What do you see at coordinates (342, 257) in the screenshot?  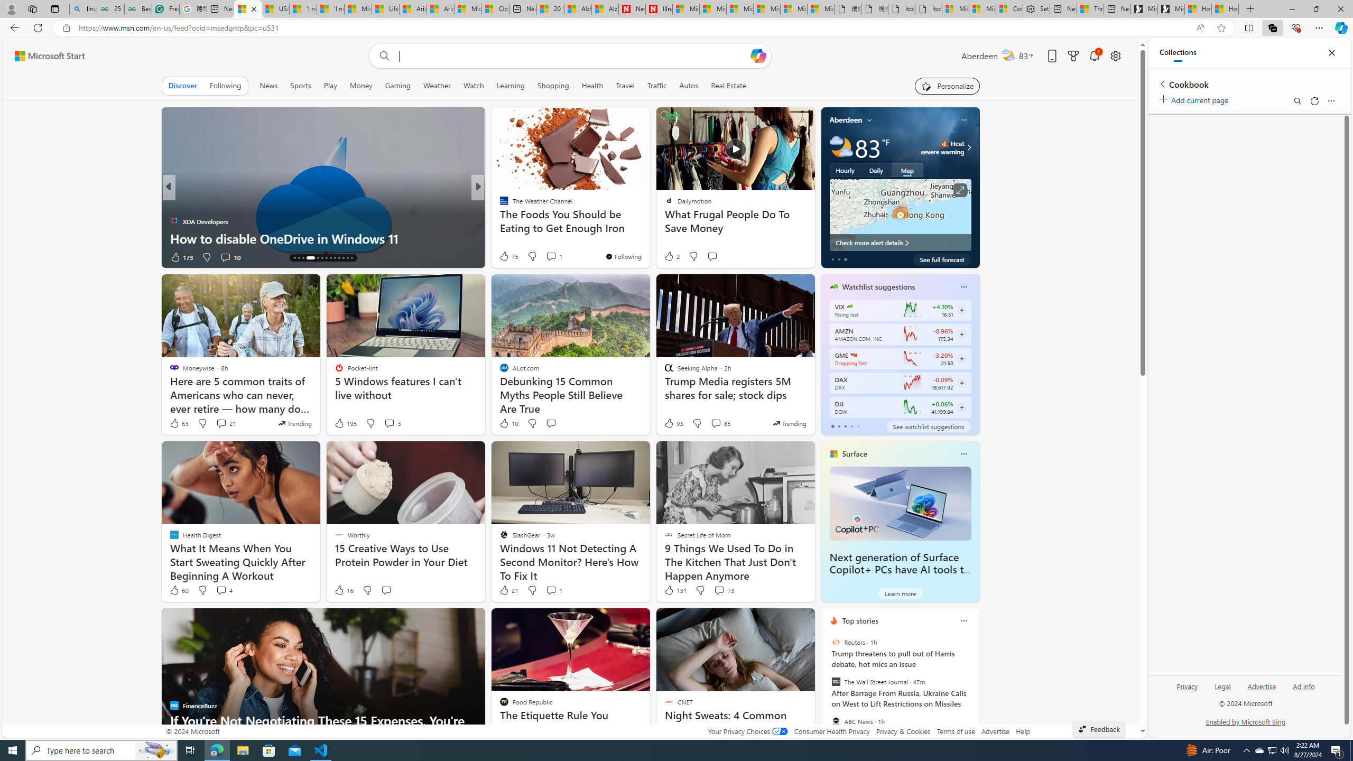 I see `'AutomationID: tab-24'` at bounding box center [342, 257].